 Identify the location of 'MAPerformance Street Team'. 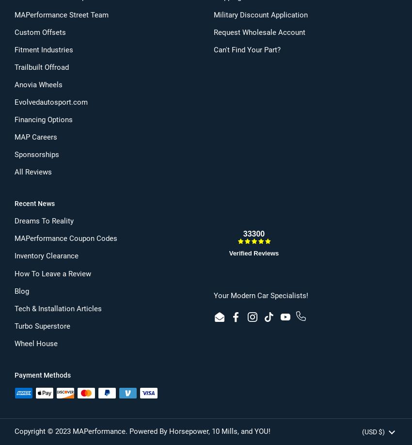
(61, 15).